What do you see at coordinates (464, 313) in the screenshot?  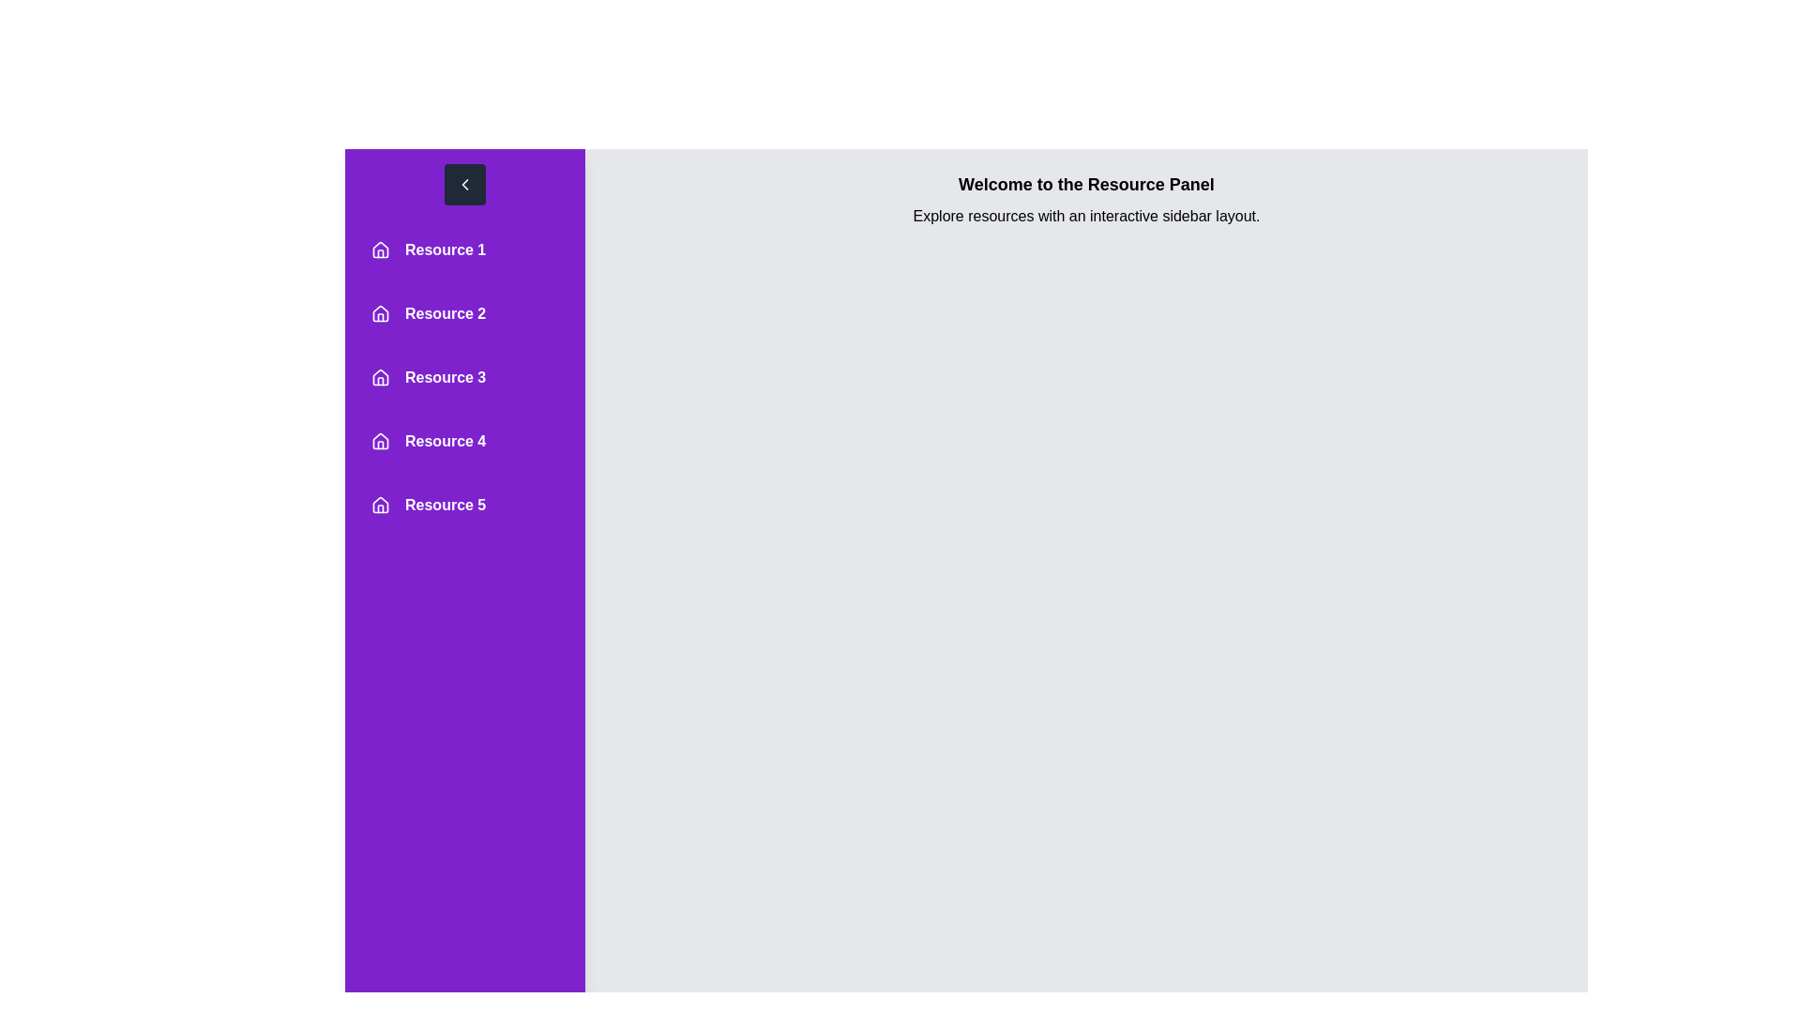 I see `the resource entry corresponding to Resource 2` at bounding box center [464, 313].